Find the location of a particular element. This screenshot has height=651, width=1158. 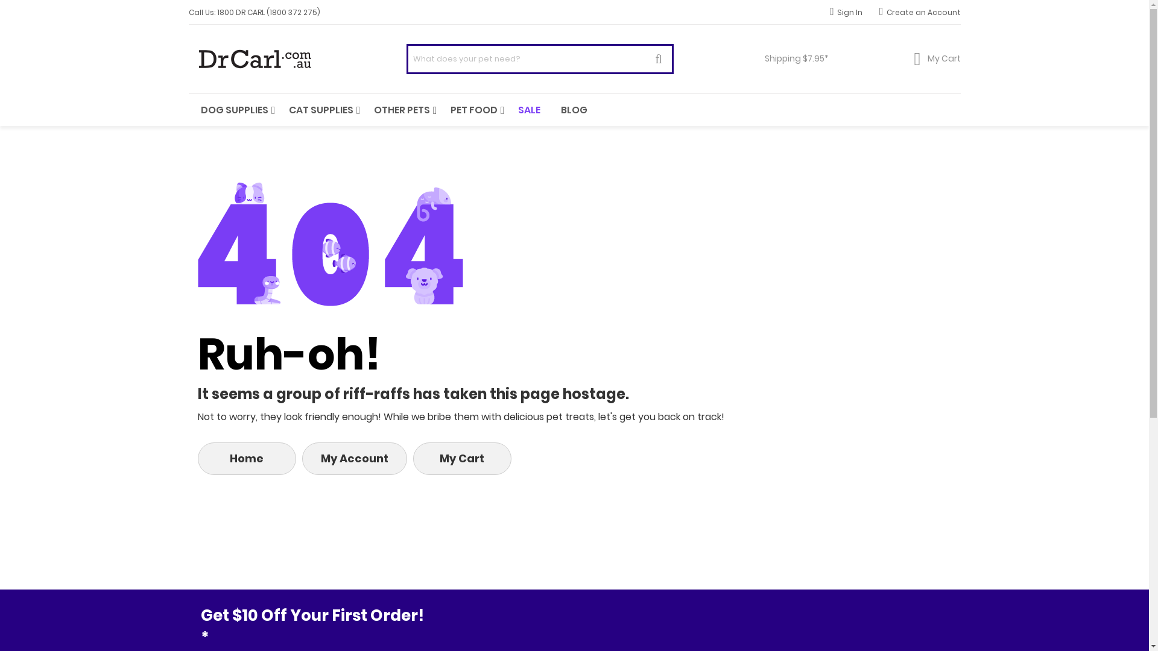

'My Account' is located at coordinates (353, 458).